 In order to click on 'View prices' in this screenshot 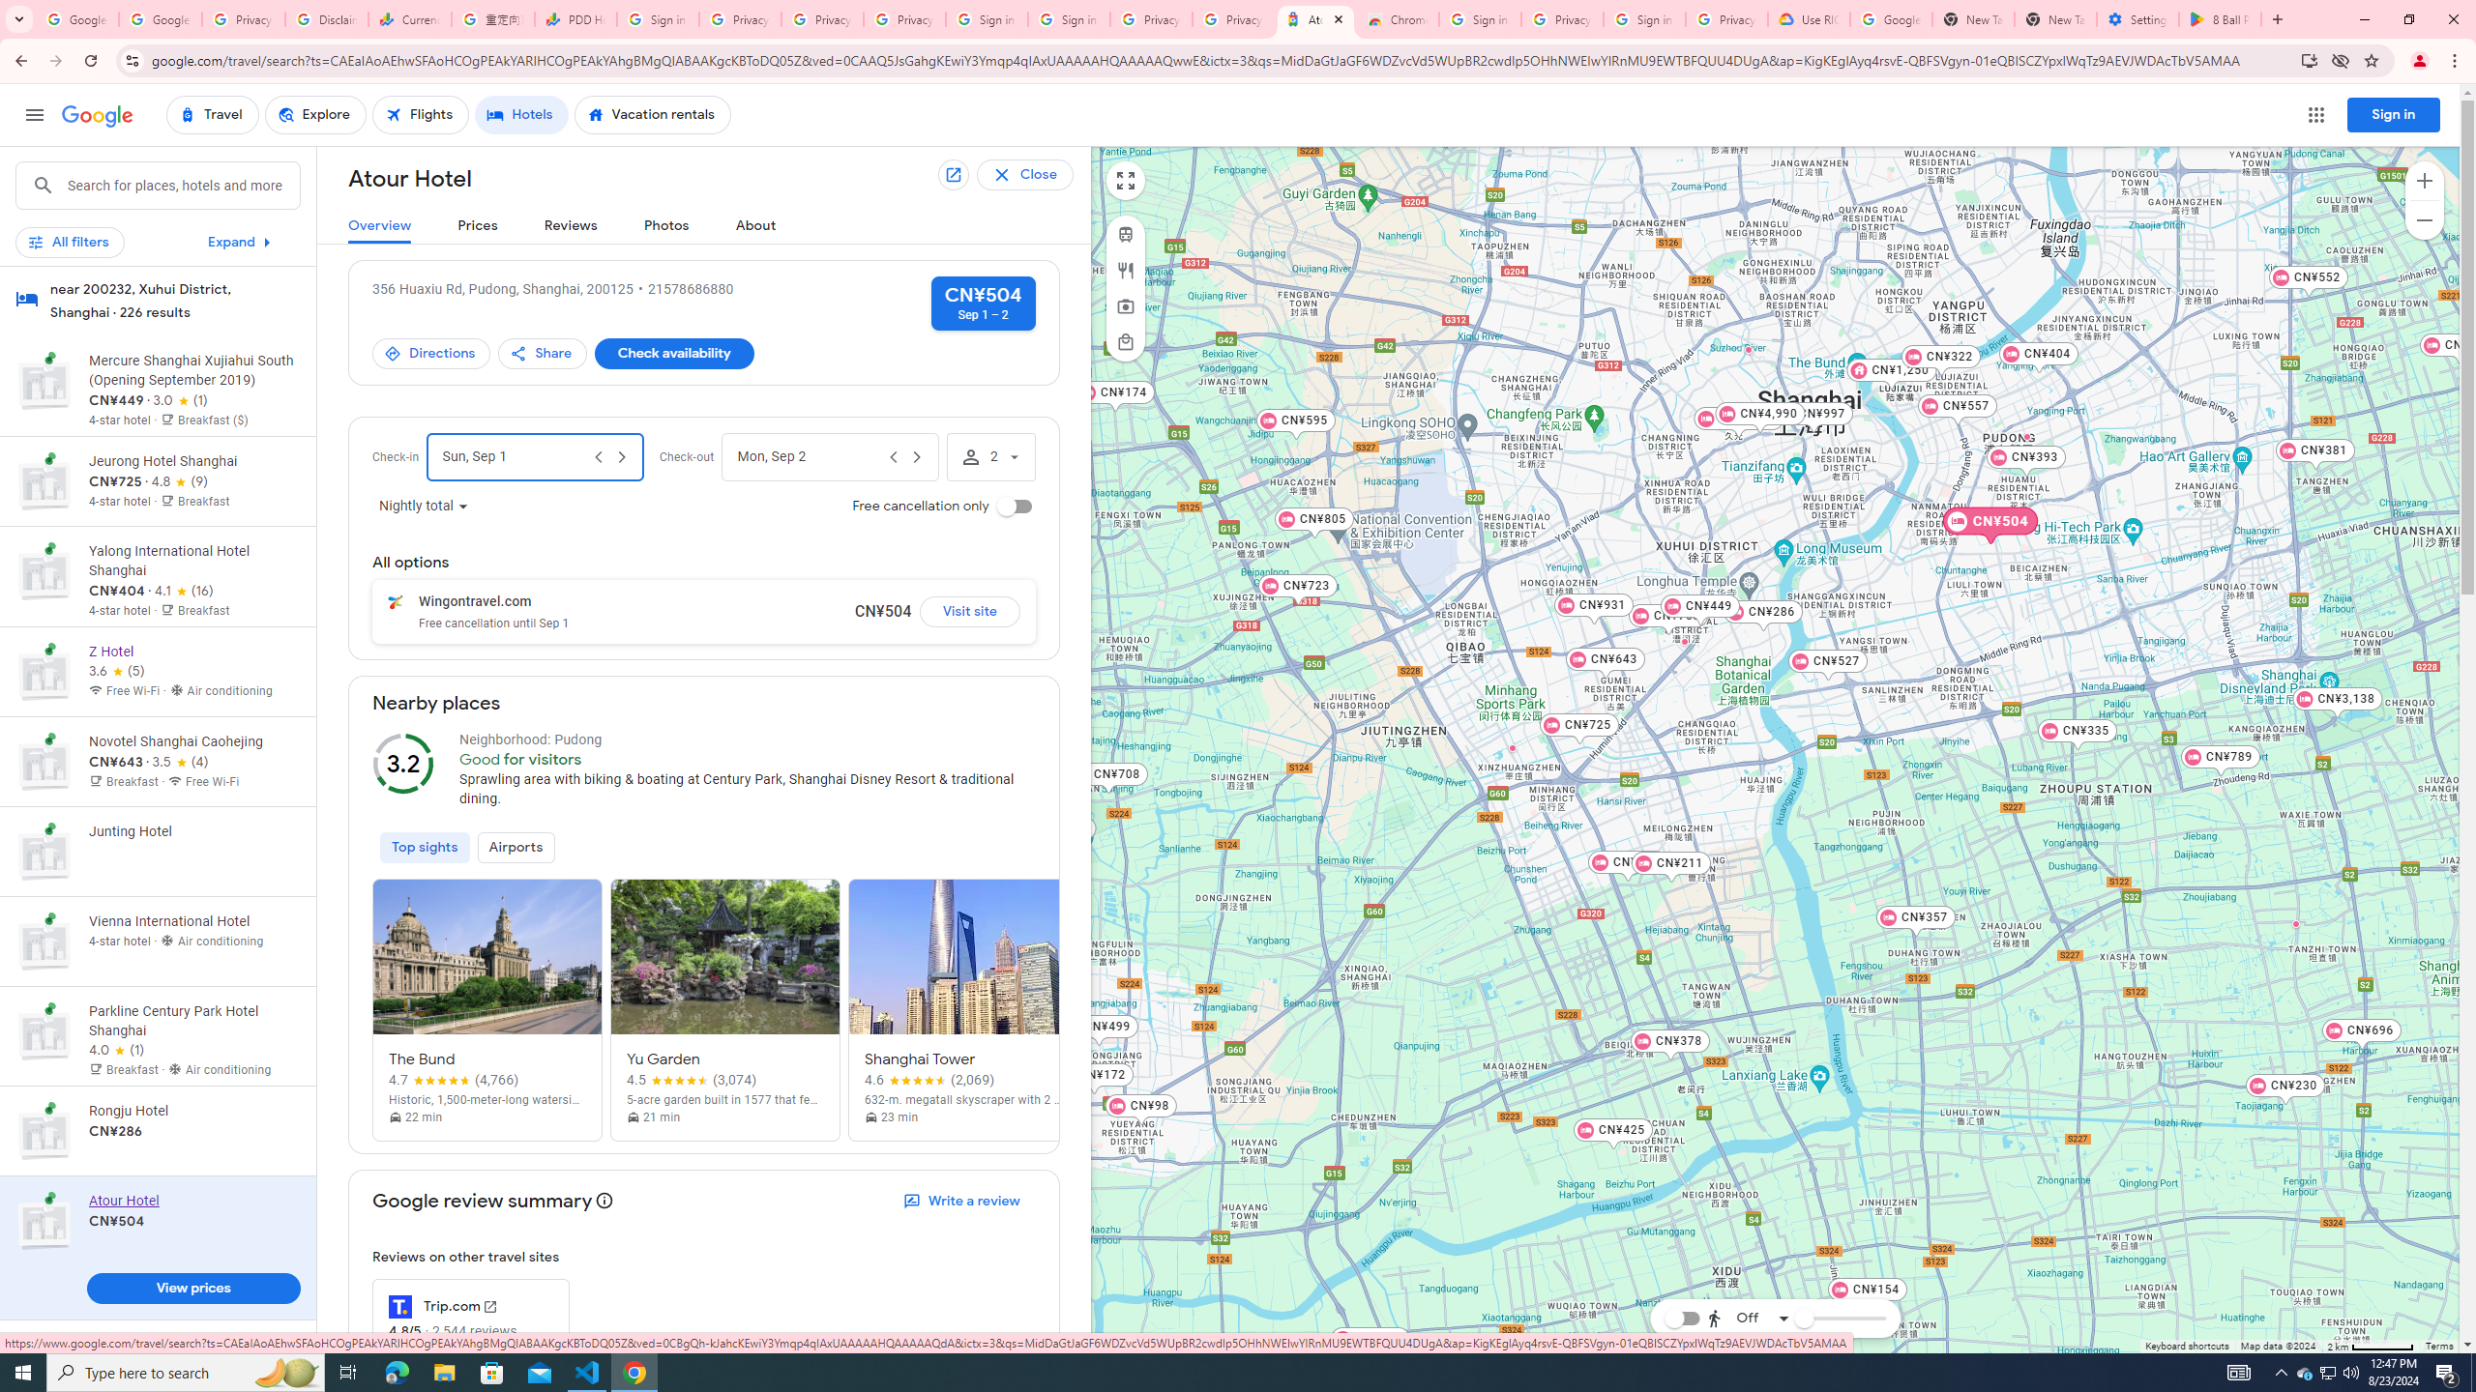, I will do `click(192, 1288)`.